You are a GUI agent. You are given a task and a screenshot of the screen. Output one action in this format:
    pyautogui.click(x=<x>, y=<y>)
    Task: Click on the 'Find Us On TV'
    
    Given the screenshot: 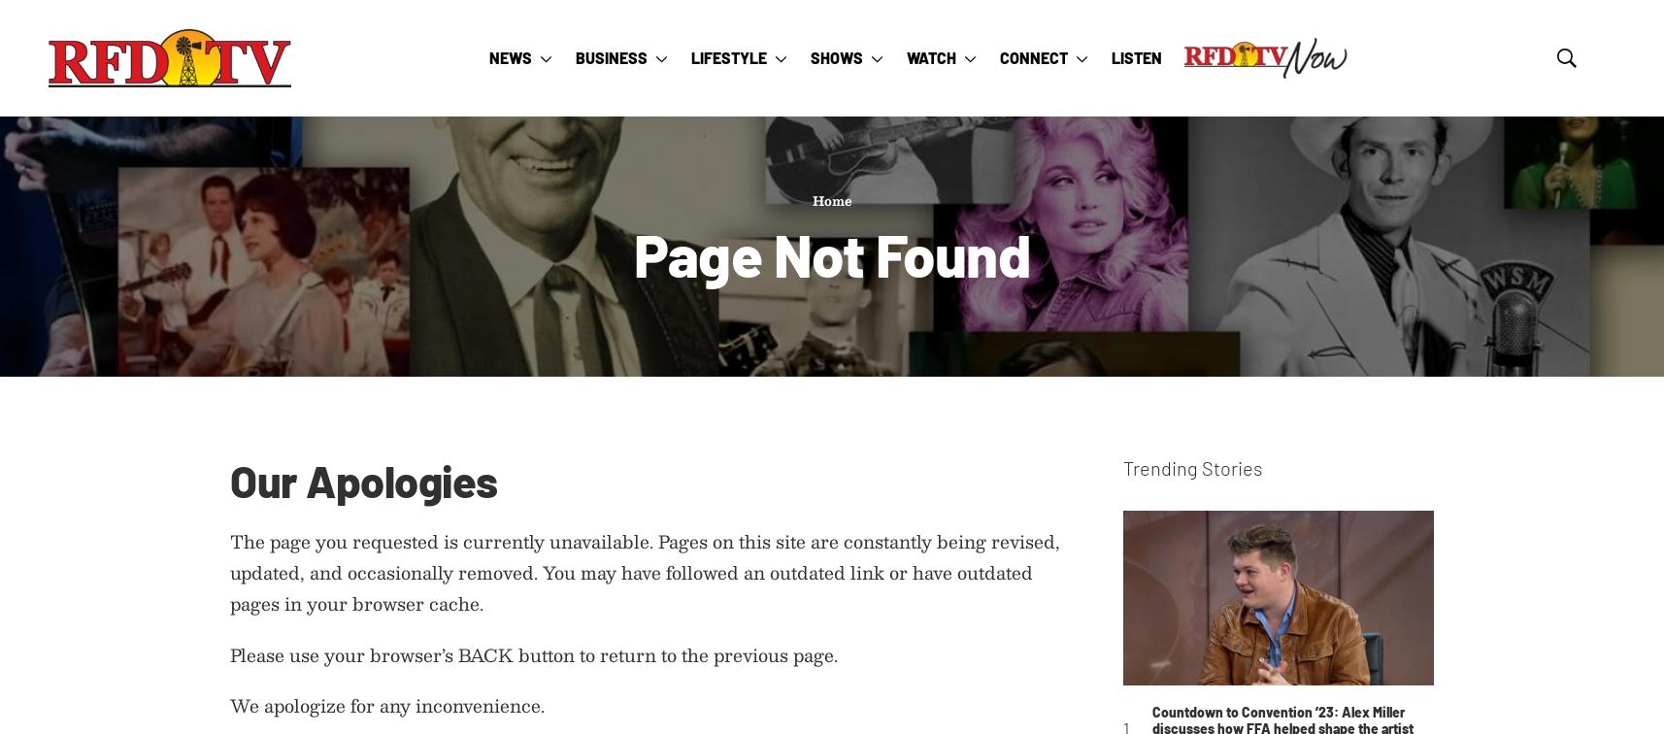 What is the action you would take?
    pyautogui.click(x=954, y=154)
    